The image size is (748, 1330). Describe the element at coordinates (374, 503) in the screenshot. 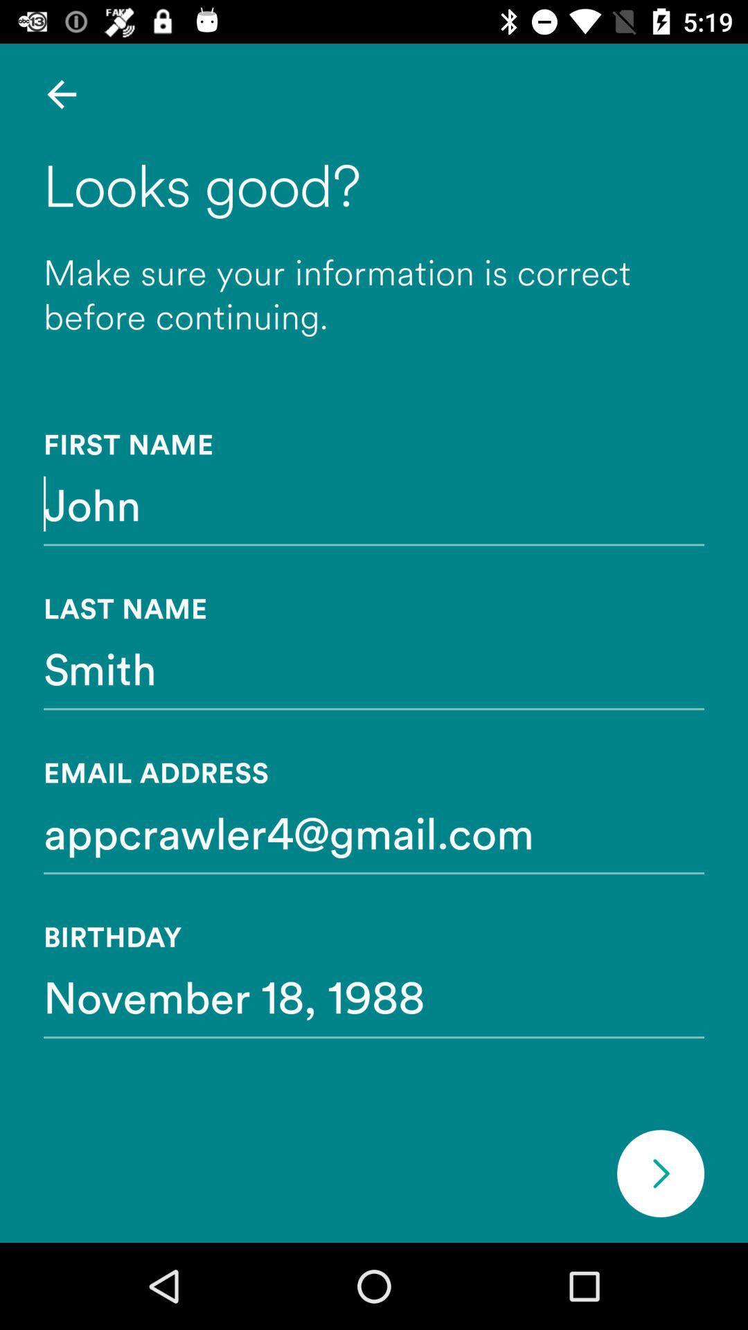

I see `john item` at that location.